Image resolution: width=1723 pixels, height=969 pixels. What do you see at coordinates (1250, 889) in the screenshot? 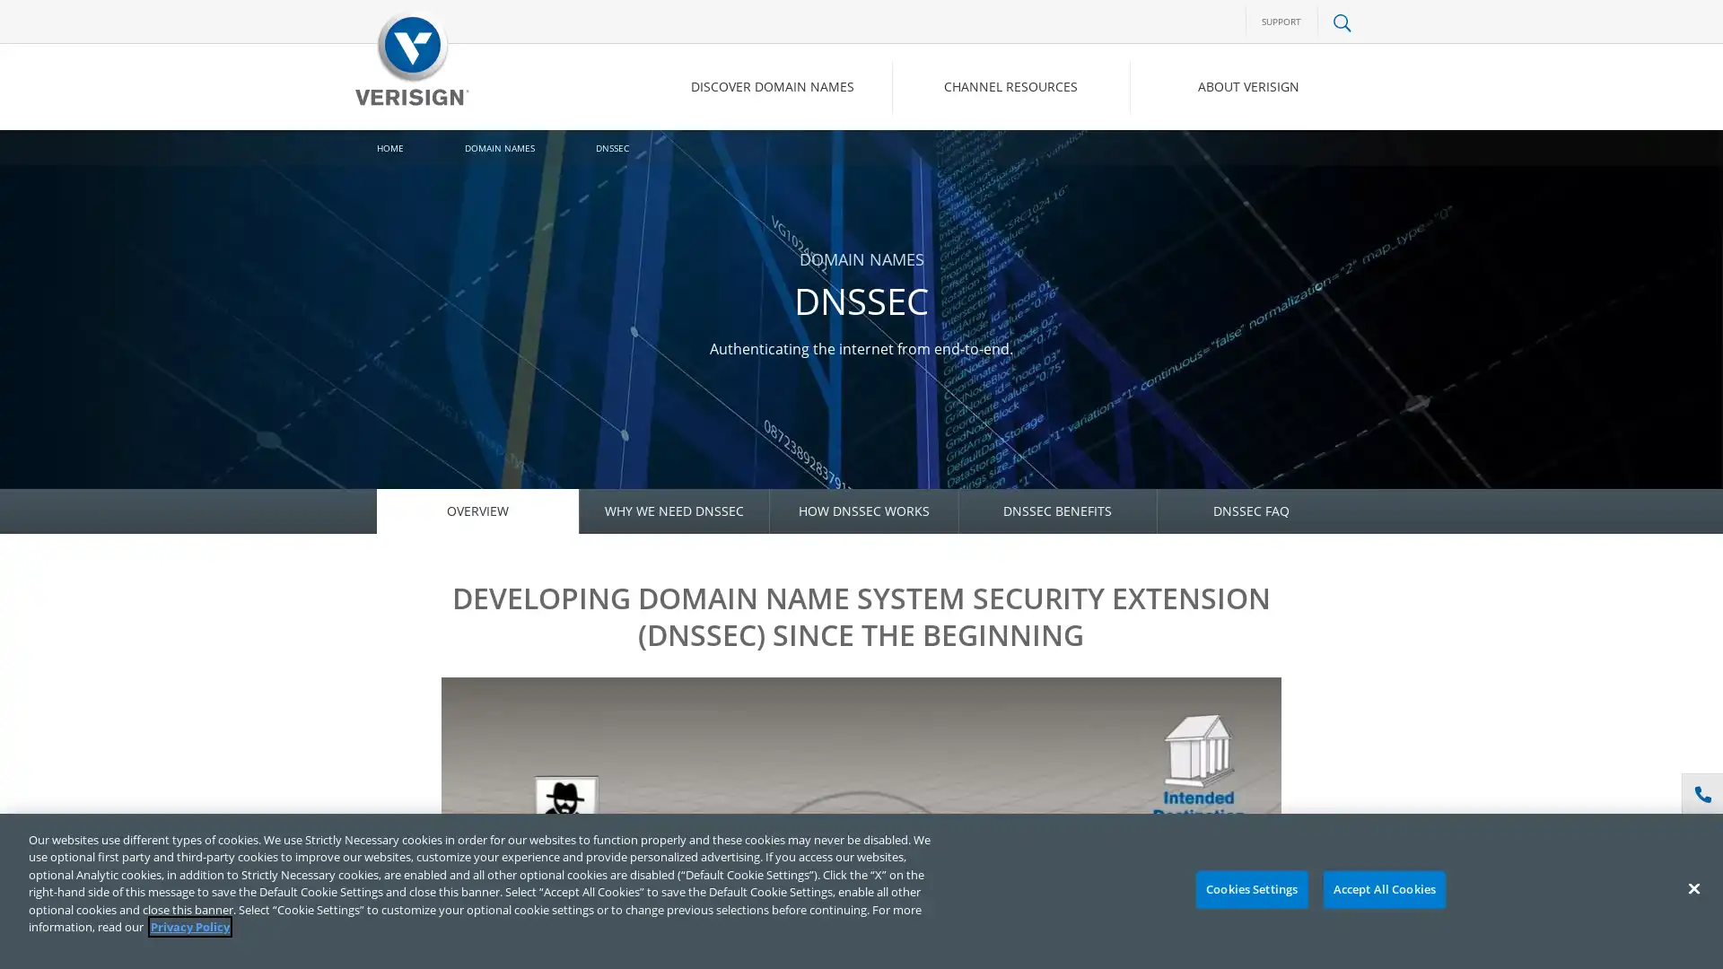
I see `Cookies Settings` at bounding box center [1250, 889].